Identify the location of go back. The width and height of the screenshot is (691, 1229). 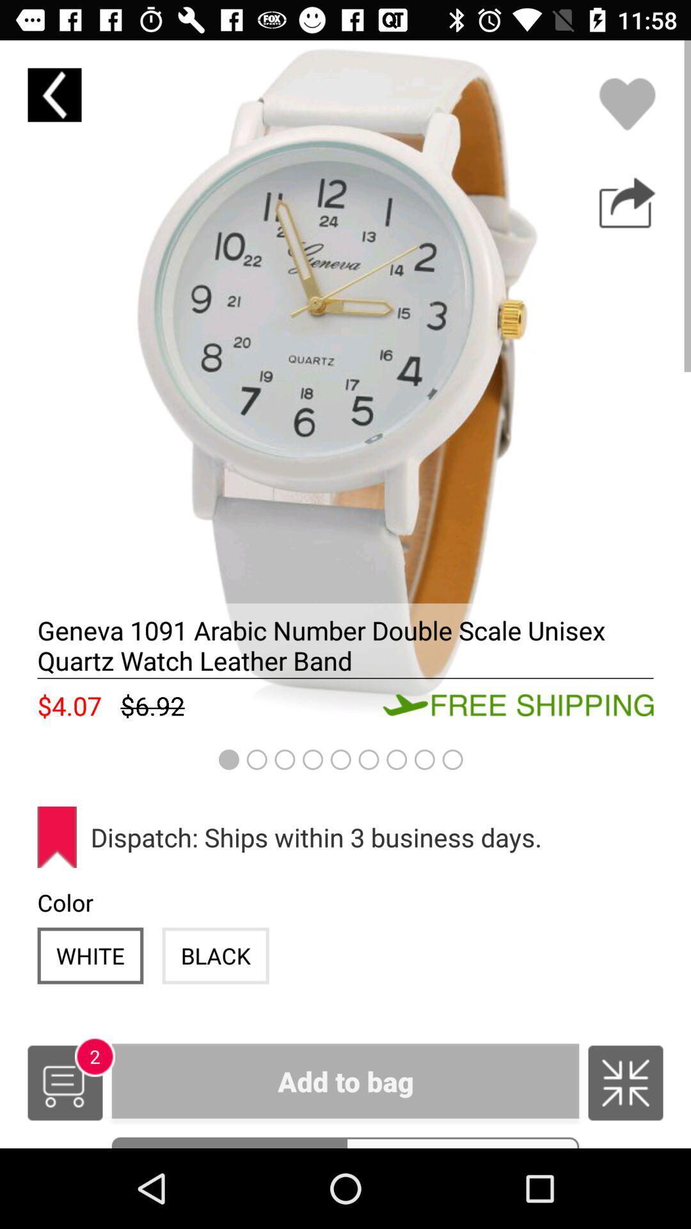
(54, 94).